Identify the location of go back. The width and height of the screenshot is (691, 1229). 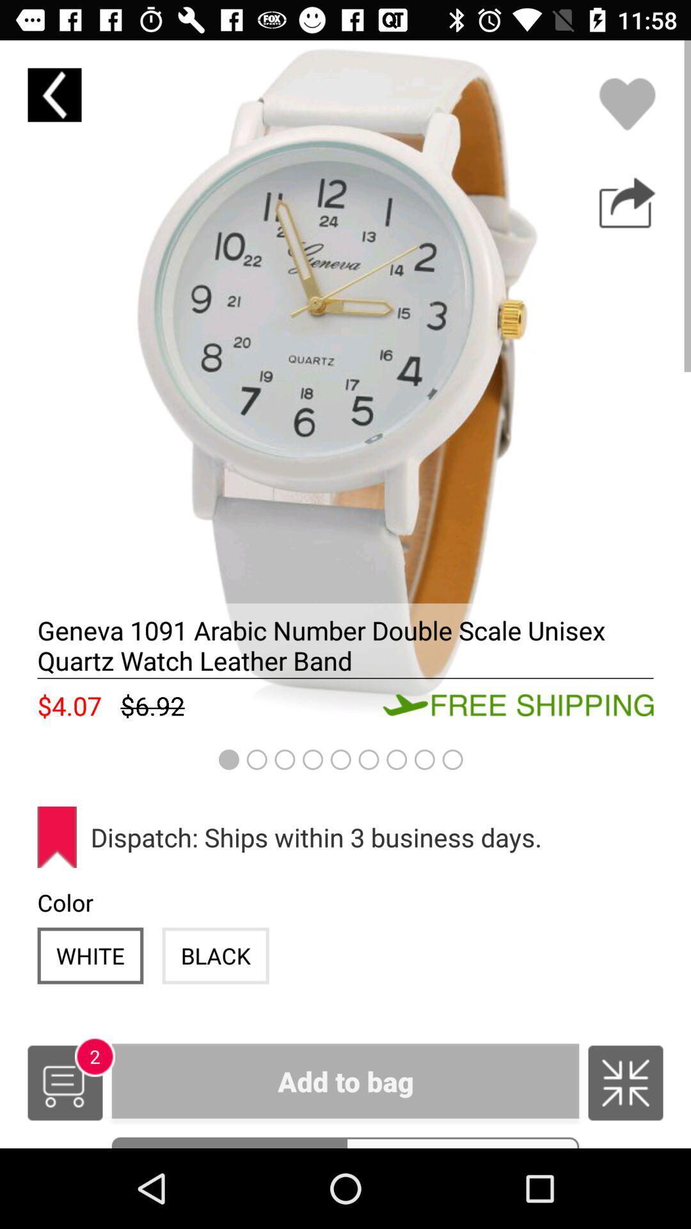
(54, 94).